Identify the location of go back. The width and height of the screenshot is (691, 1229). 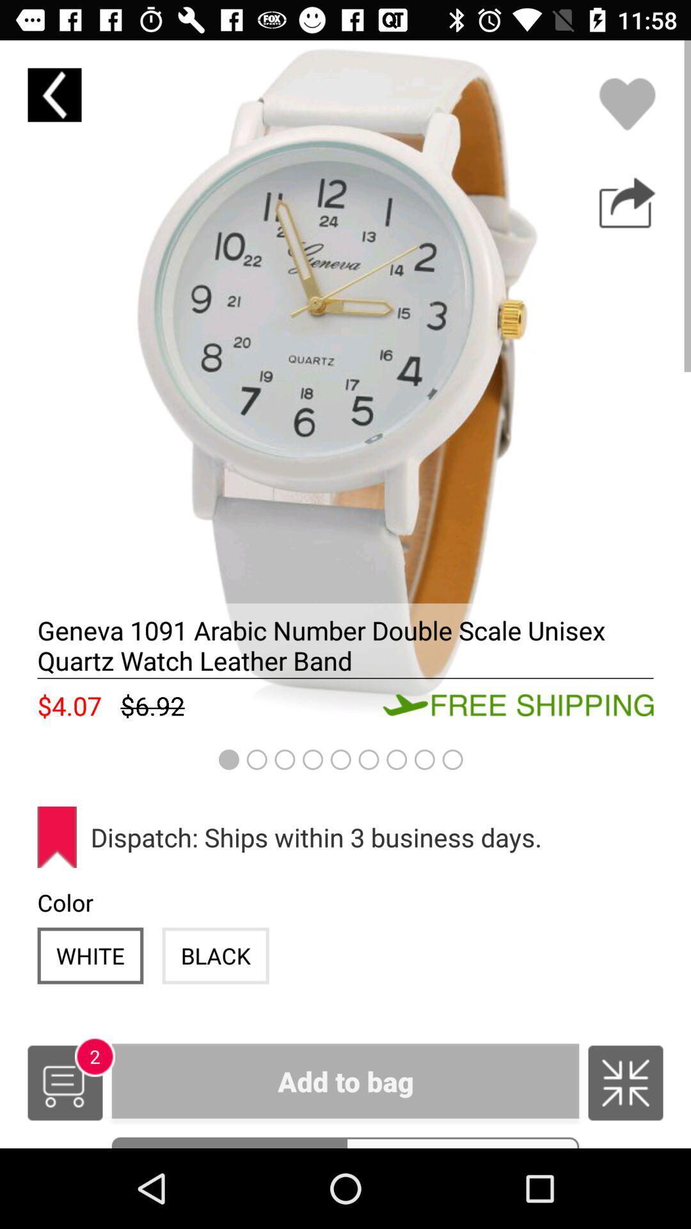
(54, 94).